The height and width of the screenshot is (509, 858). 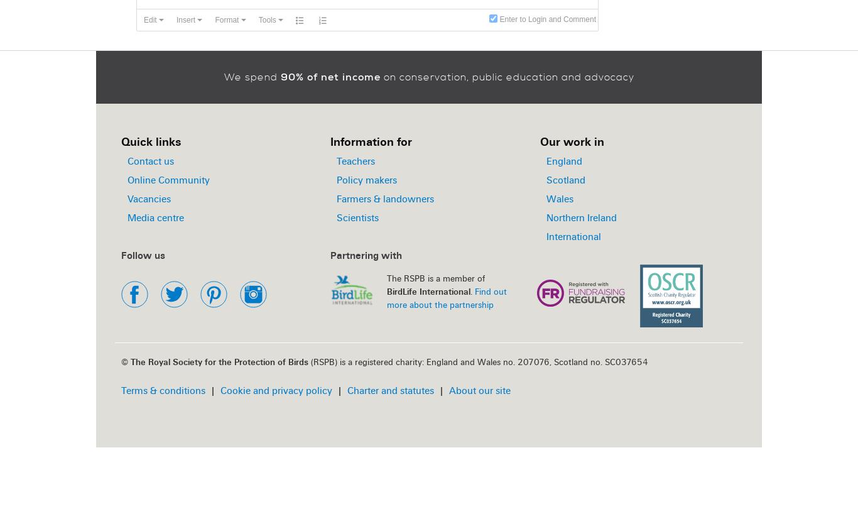 What do you see at coordinates (186, 19) in the screenshot?
I see `'Insert'` at bounding box center [186, 19].